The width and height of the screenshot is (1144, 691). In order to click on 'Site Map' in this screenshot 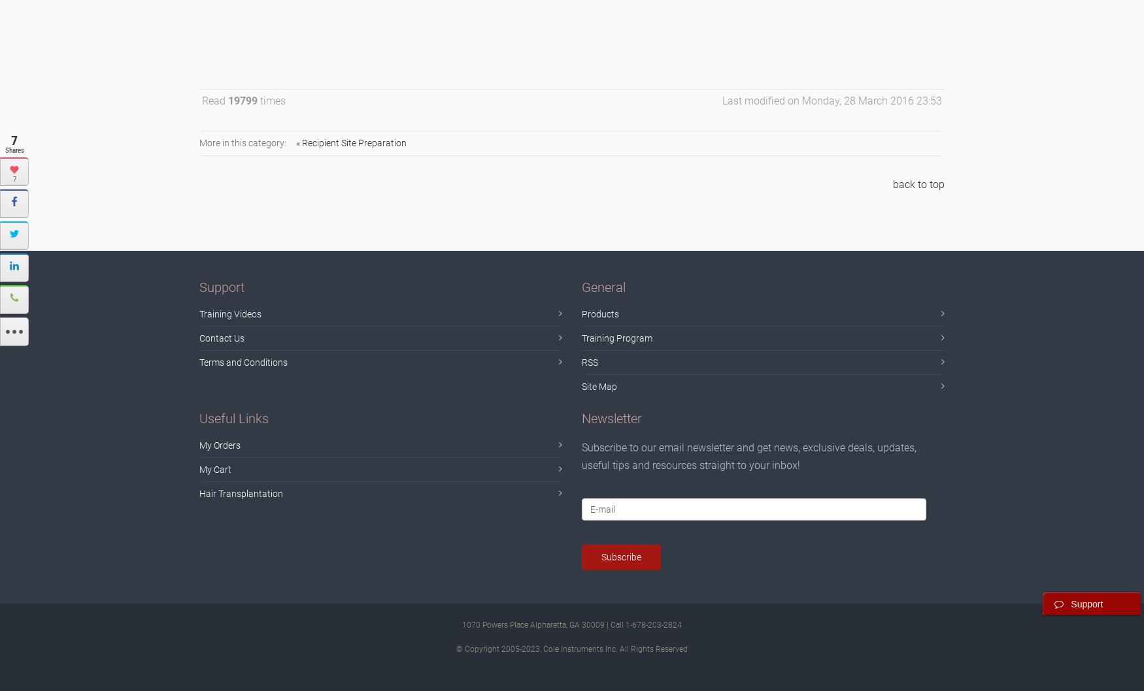, I will do `click(599, 385)`.